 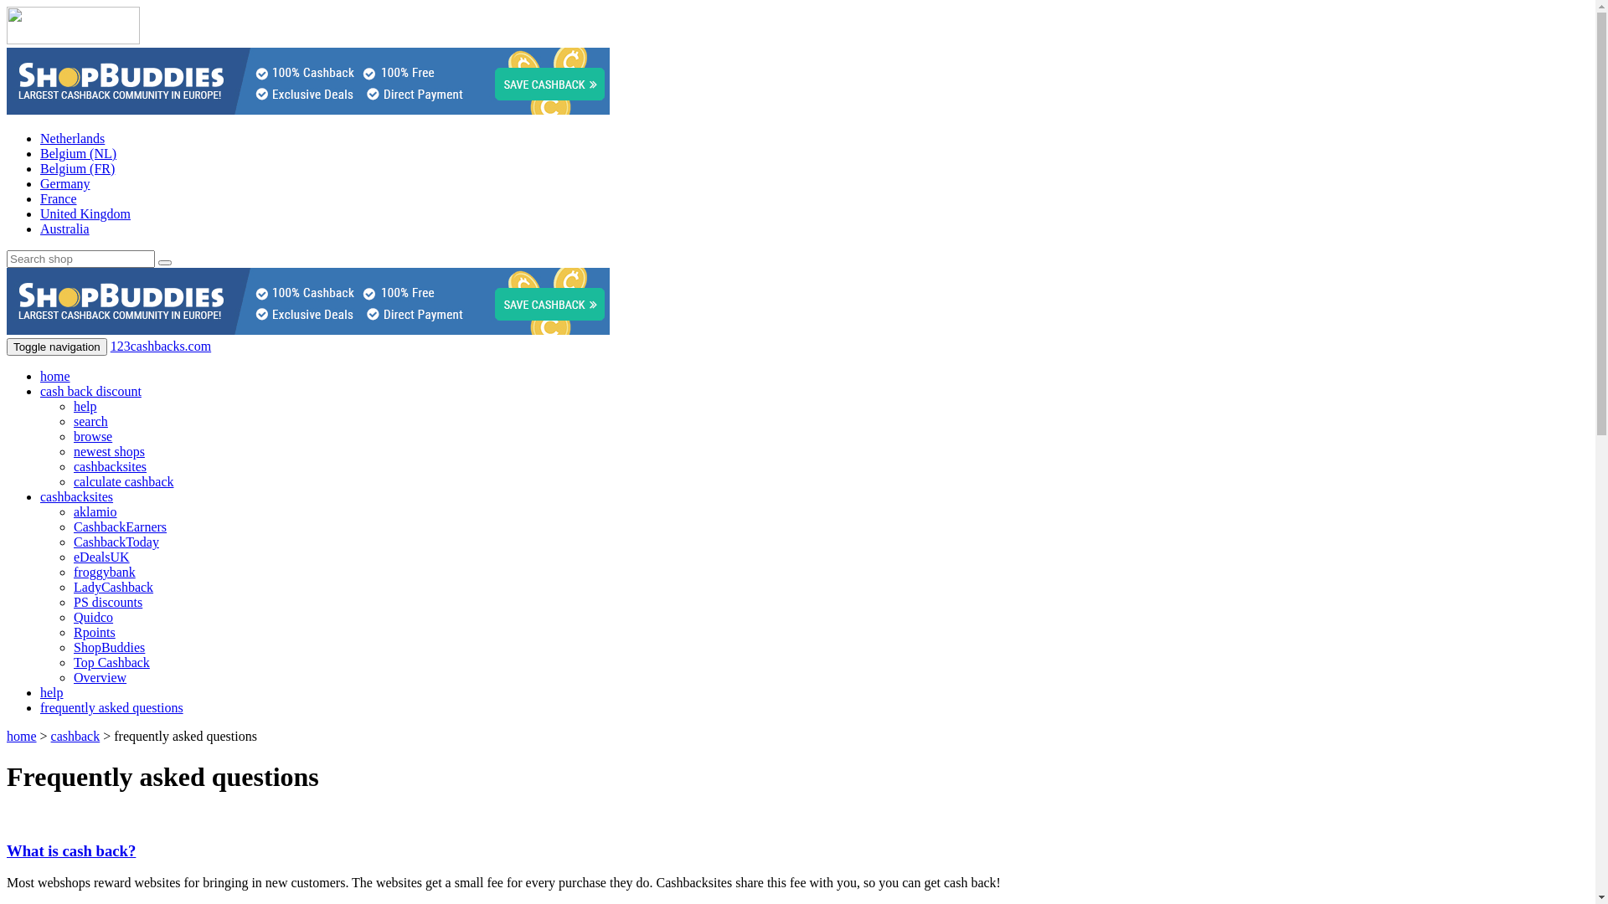 I want to click on 'cashback', so click(x=75, y=735).